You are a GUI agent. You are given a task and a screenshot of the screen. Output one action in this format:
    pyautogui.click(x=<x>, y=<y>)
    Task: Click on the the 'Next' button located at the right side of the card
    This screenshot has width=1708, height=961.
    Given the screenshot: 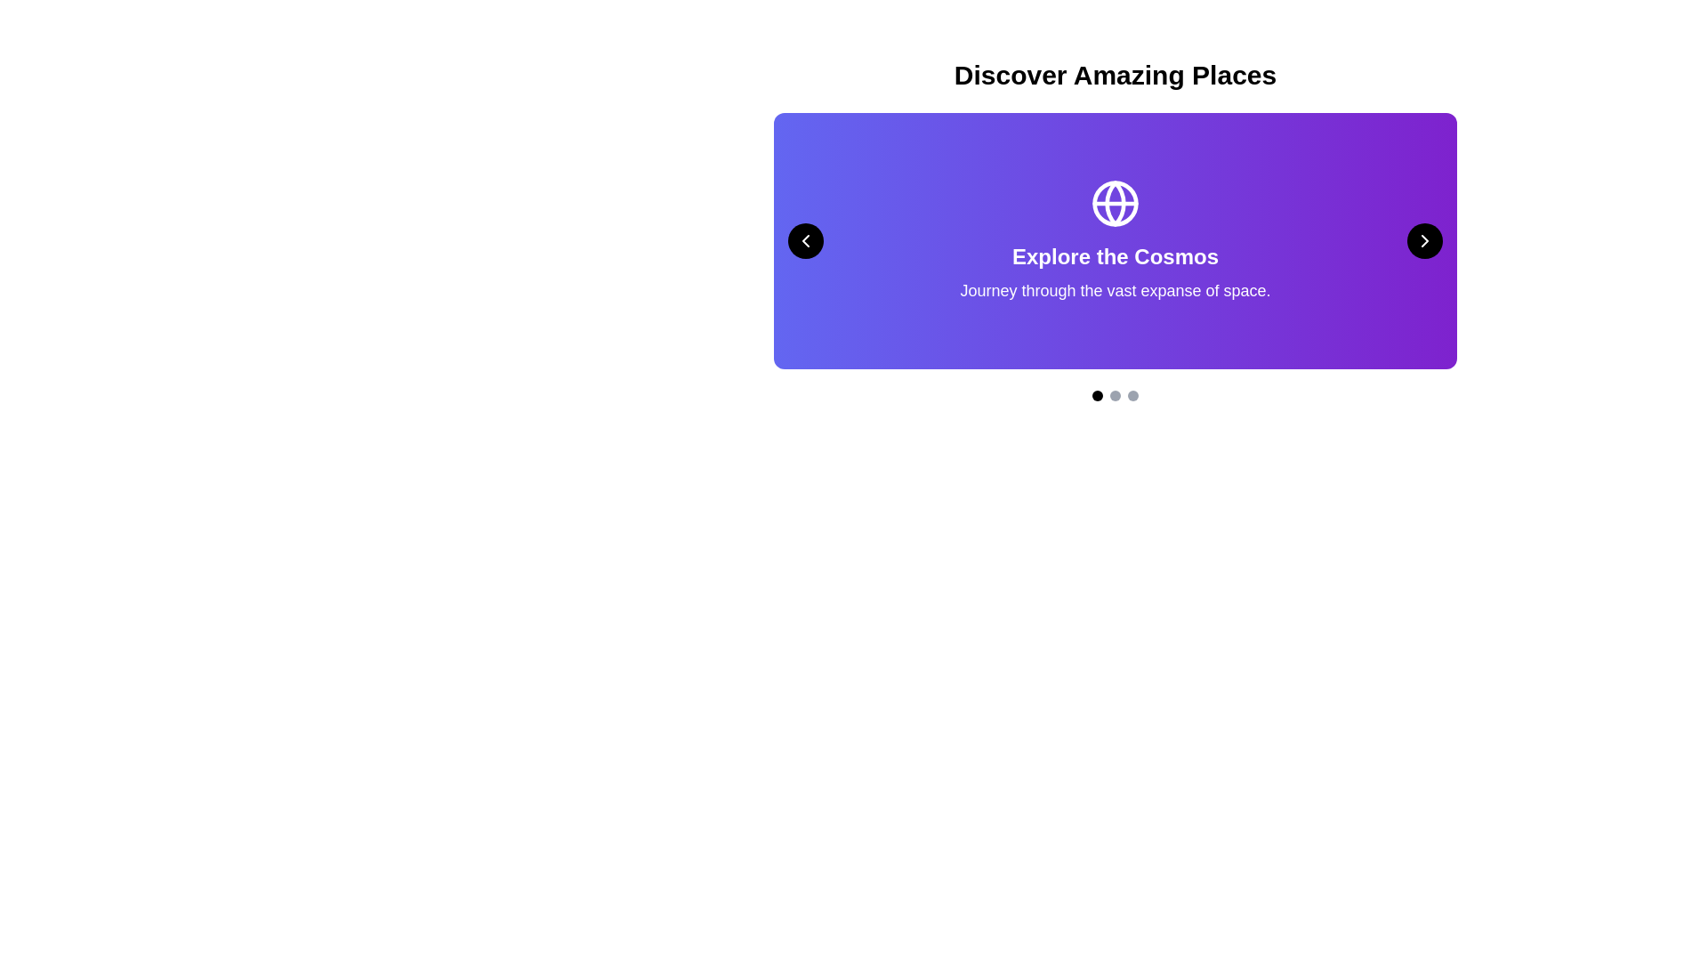 What is the action you would take?
    pyautogui.click(x=1425, y=240)
    